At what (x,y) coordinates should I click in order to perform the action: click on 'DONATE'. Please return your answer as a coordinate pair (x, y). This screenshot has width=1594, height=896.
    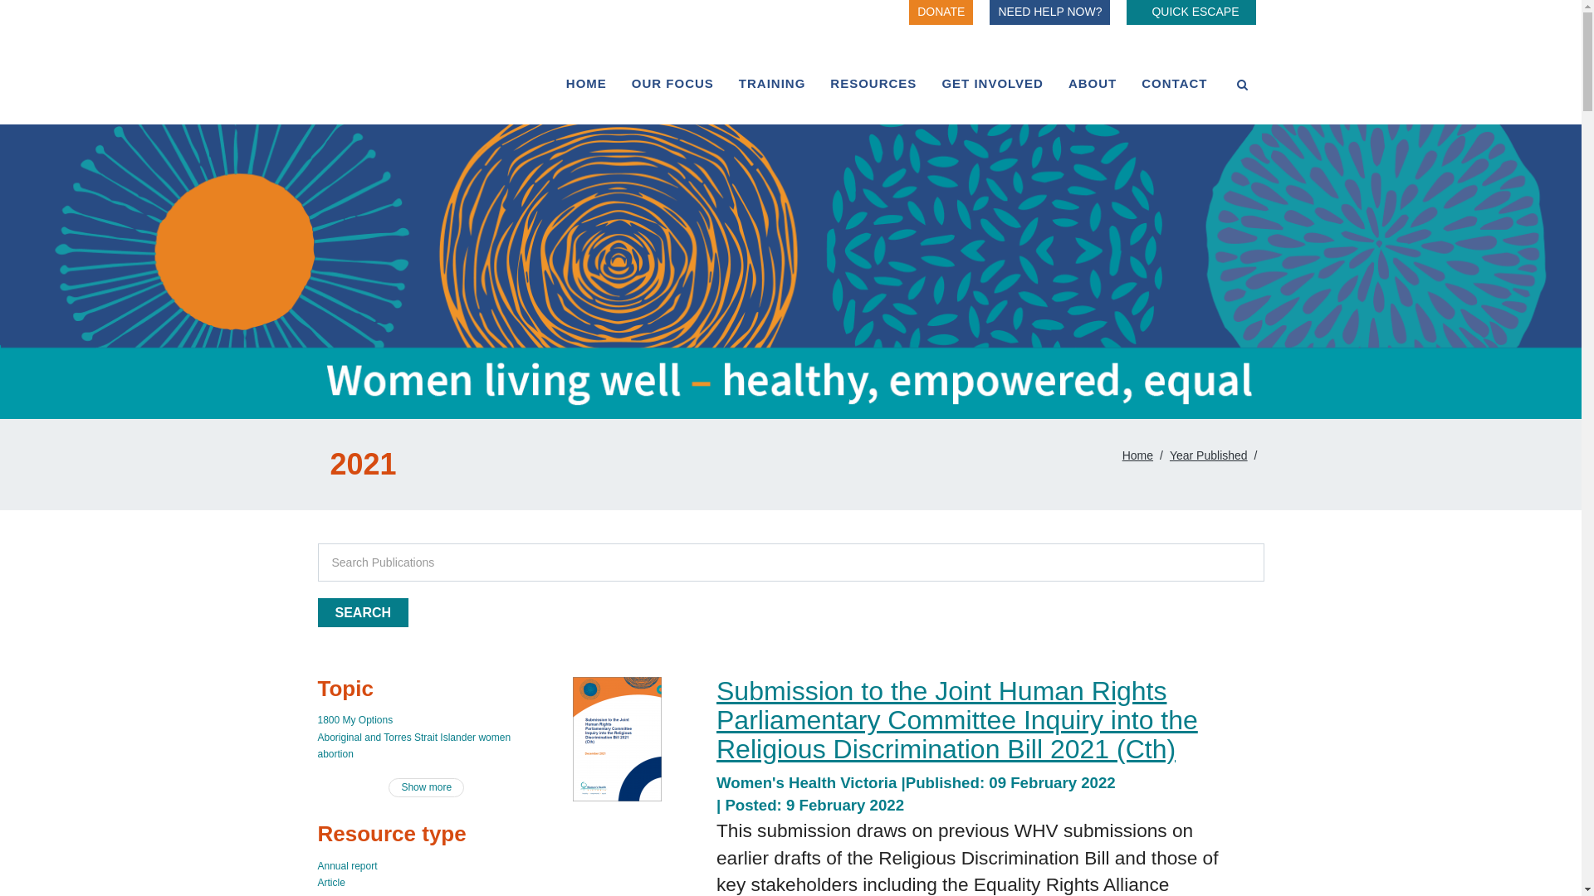
    Looking at the image, I should click on (907, 12).